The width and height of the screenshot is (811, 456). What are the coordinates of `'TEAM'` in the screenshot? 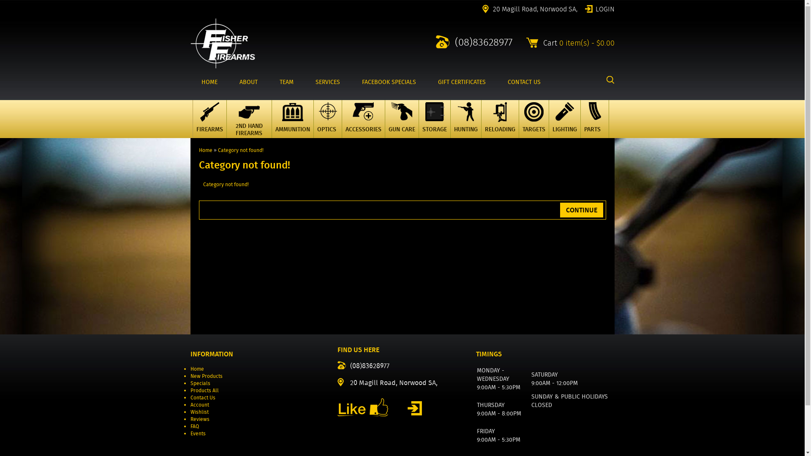 It's located at (286, 82).